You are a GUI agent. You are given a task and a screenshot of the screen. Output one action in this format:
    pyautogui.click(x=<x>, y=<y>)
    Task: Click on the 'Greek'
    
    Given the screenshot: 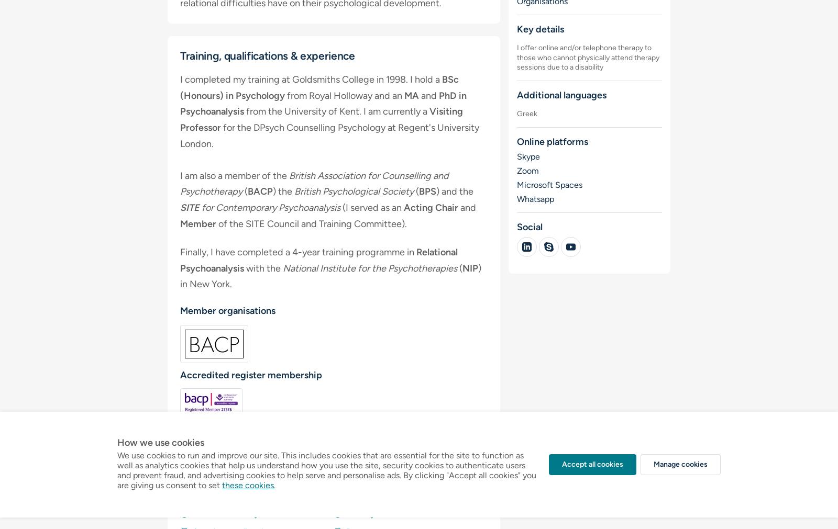 What is the action you would take?
    pyautogui.click(x=526, y=113)
    